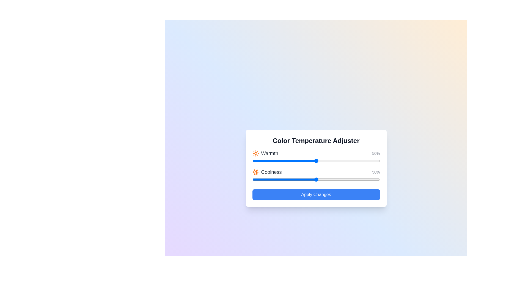 The height and width of the screenshot is (297, 528). What do you see at coordinates (318, 161) in the screenshot?
I see `the 'Warmth' slider to 52%` at bounding box center [318, 161].